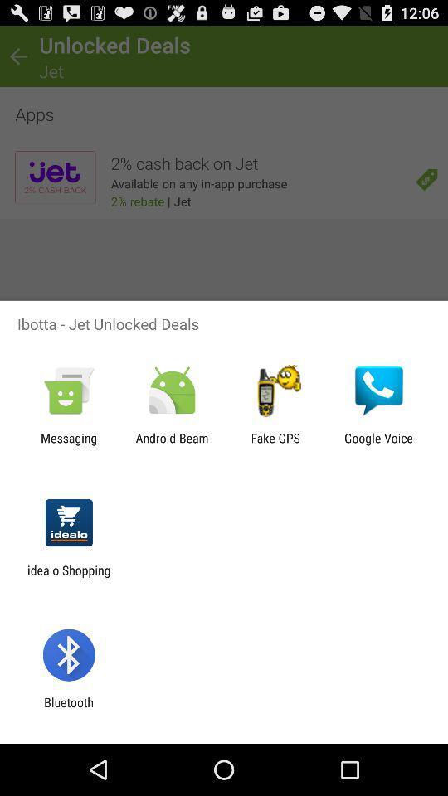  Describe the element at coordinates (68, 444) in the screenshot. I see `messaging` at that location.